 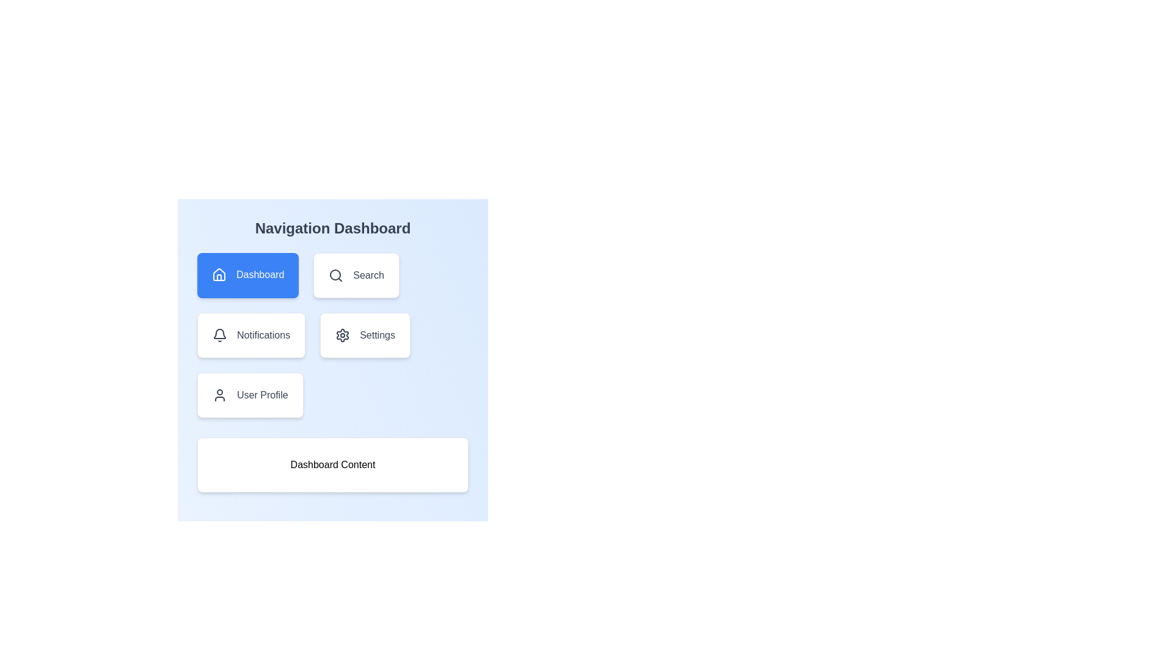 I want to click on the 'Dashboard' text label, which is part of the button for navigating to the dashboard section of the application, located in the top-left corner beneath 'Navigation Dashboard', so click(x=260, y=275).